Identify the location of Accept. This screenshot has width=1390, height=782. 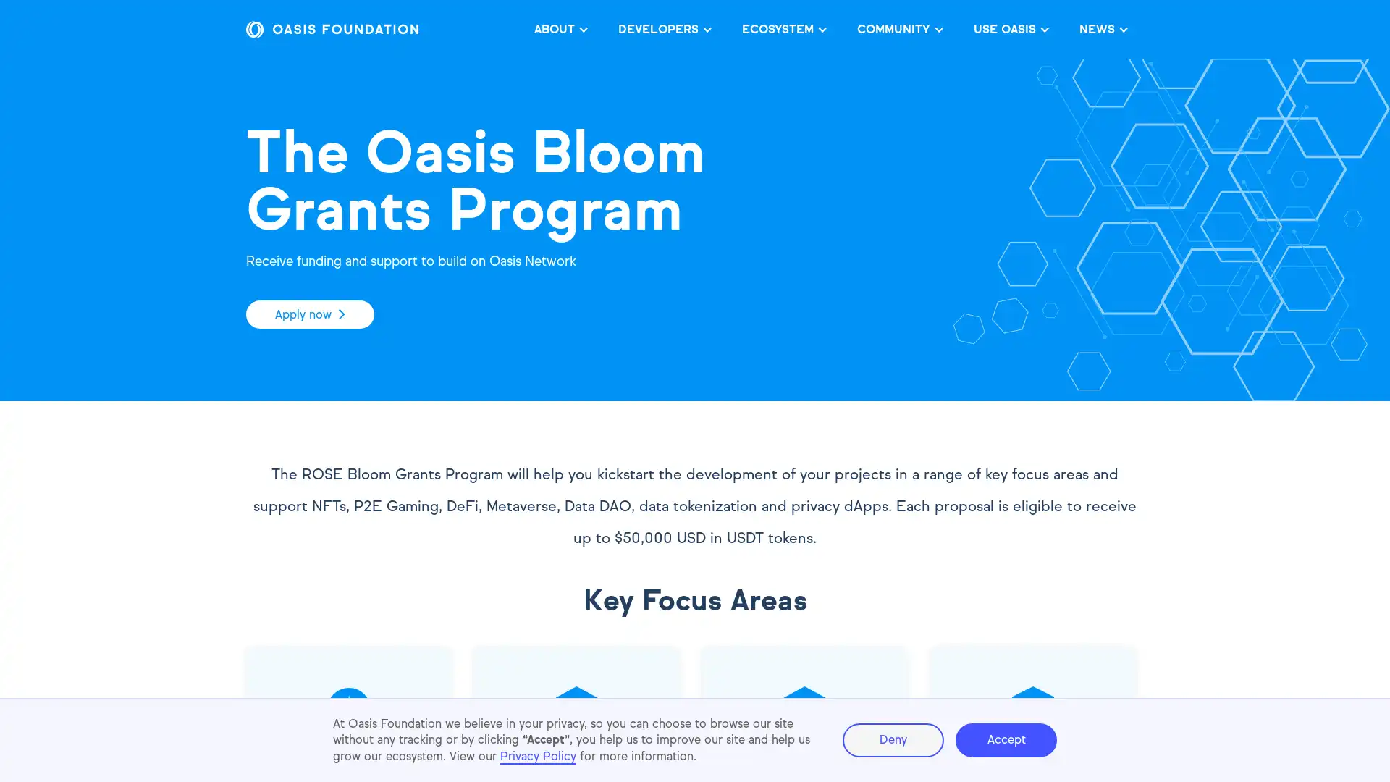
(1006, 740).